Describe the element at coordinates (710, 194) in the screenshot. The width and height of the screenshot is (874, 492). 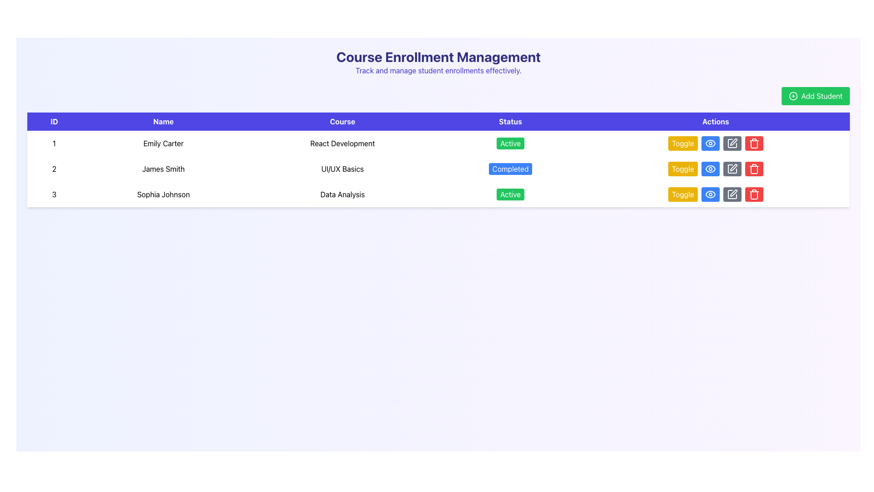
I see `the eye icon button in the 'Actions' column of the third row of the table` at that location.